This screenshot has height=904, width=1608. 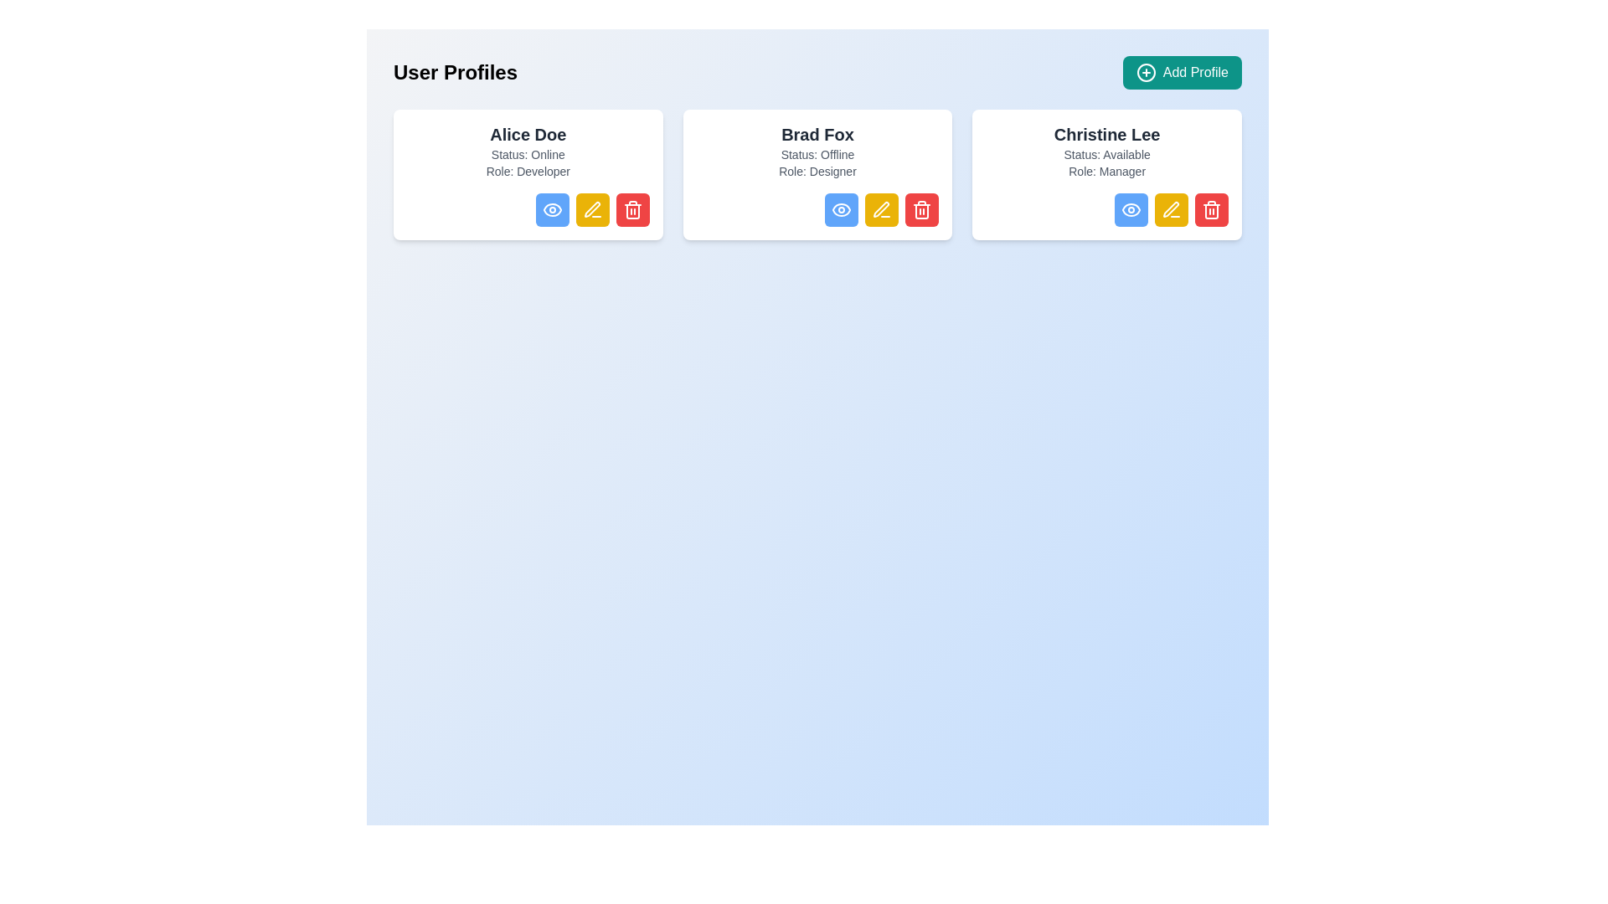 I want to click on the red button with a white trash icon located at the bottom-right corner of Christine Lee's profile, so click(x=1211, y=208).